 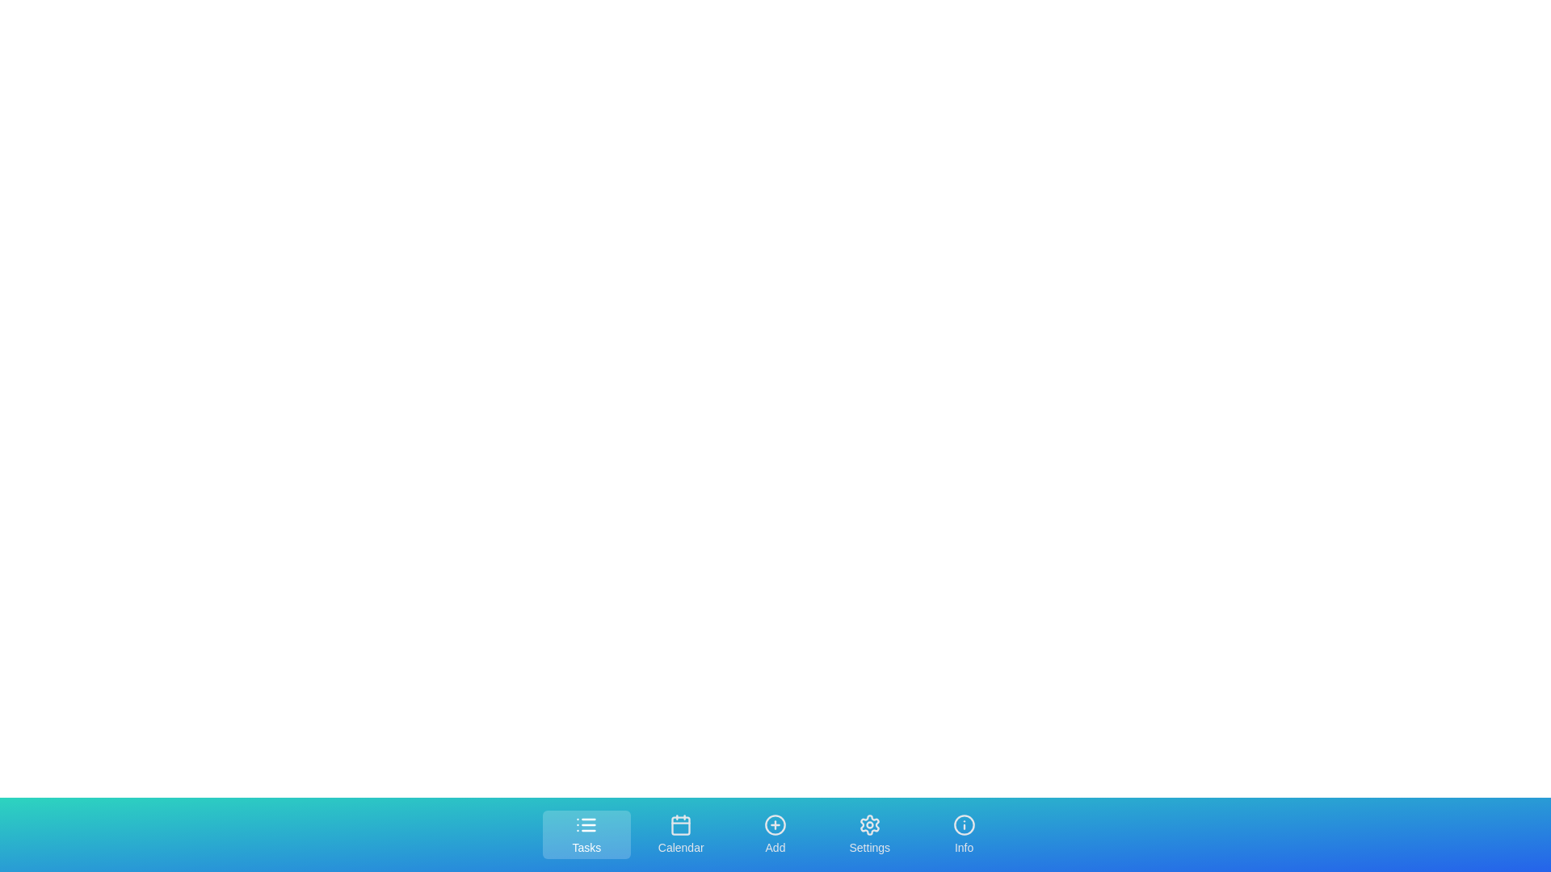 What do you see at coordinates (868, 834) in the screenshot?
I see `the tab labeled Settings` at bounding box center [868, 834].